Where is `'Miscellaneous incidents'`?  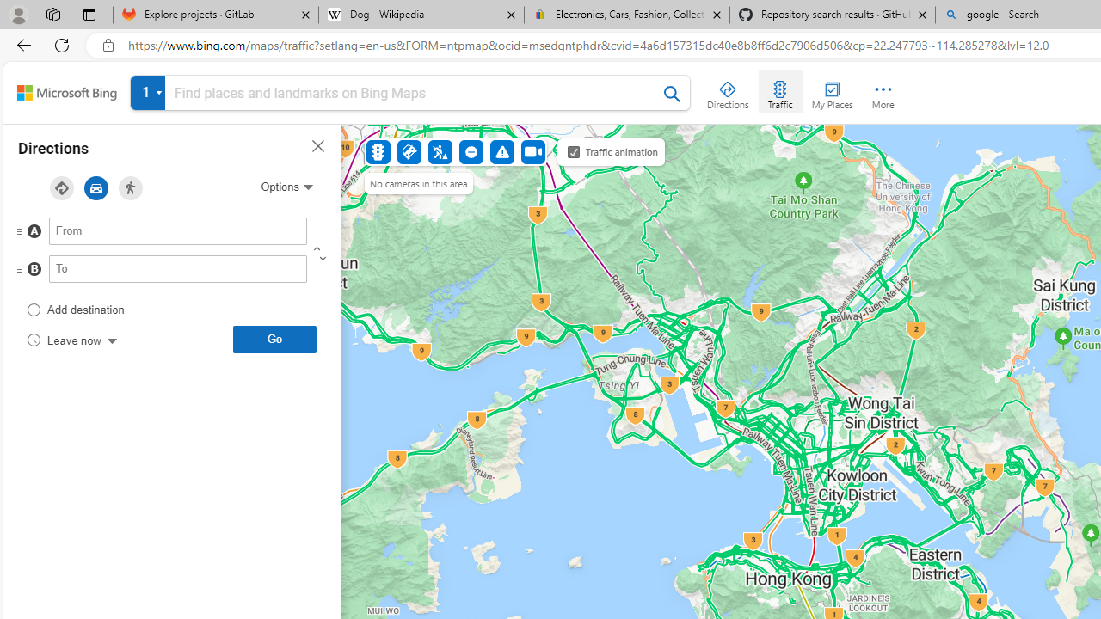
'Miscellaneous incidents' is located at coordinates (501, 150).